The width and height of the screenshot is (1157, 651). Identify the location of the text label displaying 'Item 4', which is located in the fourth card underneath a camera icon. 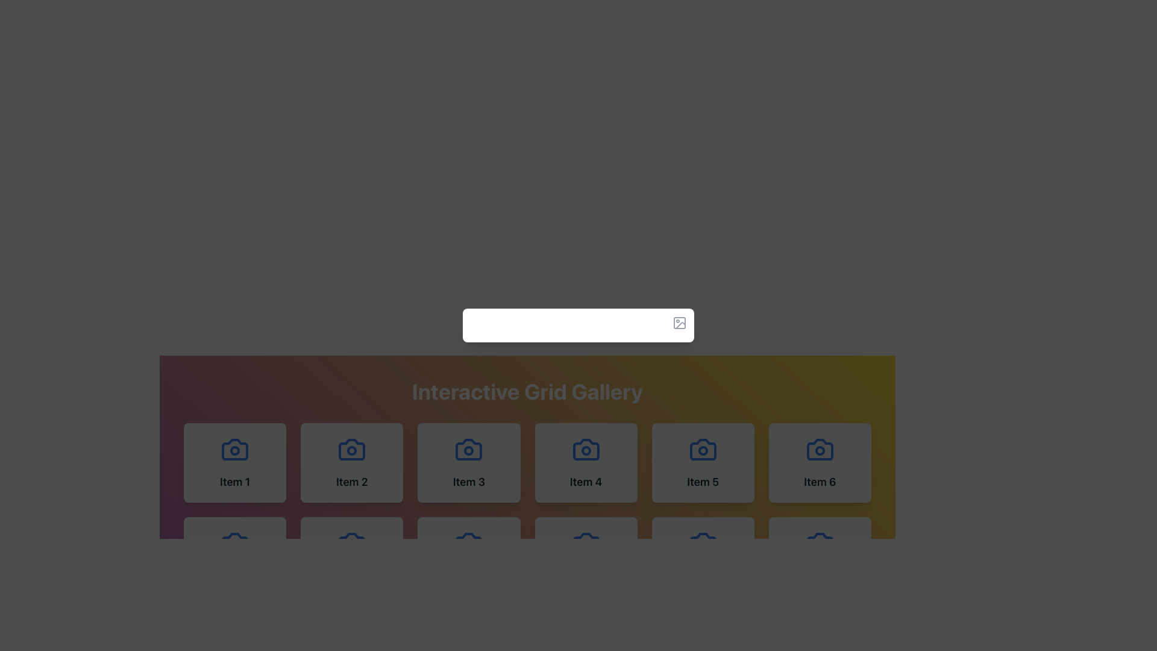
(586, 481).